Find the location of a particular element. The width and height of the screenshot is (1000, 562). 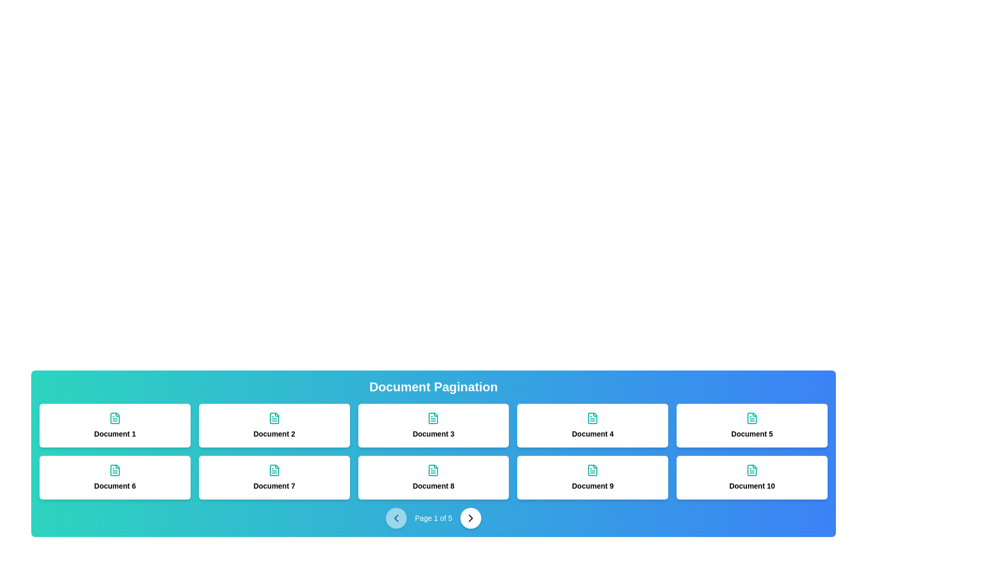

the button labeled 'Document 3', which is the third button in the top row of a two-row grid, surrounded by 'Document 2' and 'Document 4' is located at coordinates (433, 425).